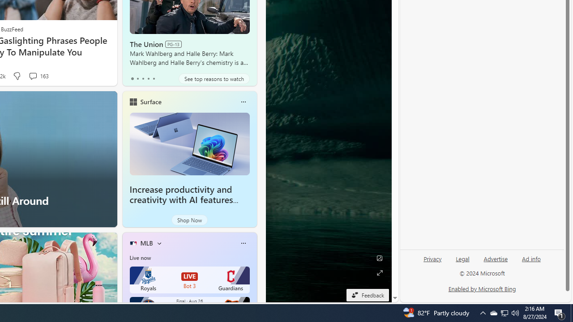 Image resolution: width=573 pixels, height=322 pixels. Describe the element at coordinates (132, 78) in the screenshot. I see `'tab-0'` at that location.